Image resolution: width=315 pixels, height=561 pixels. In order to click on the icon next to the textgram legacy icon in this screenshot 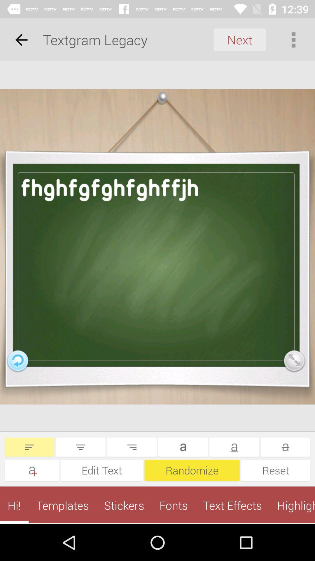, I will do `click(21, 39)`.